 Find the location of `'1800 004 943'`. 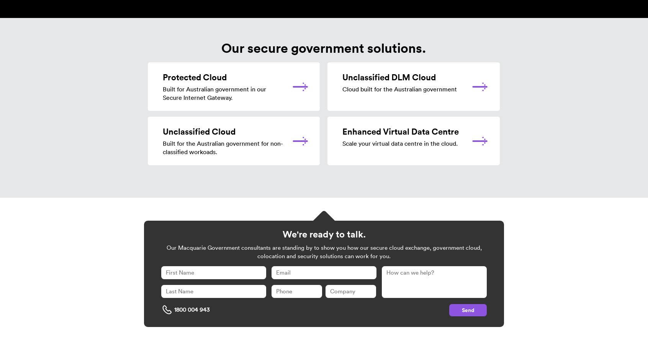

'1800 004 943' is located at coordinates (192, 309).